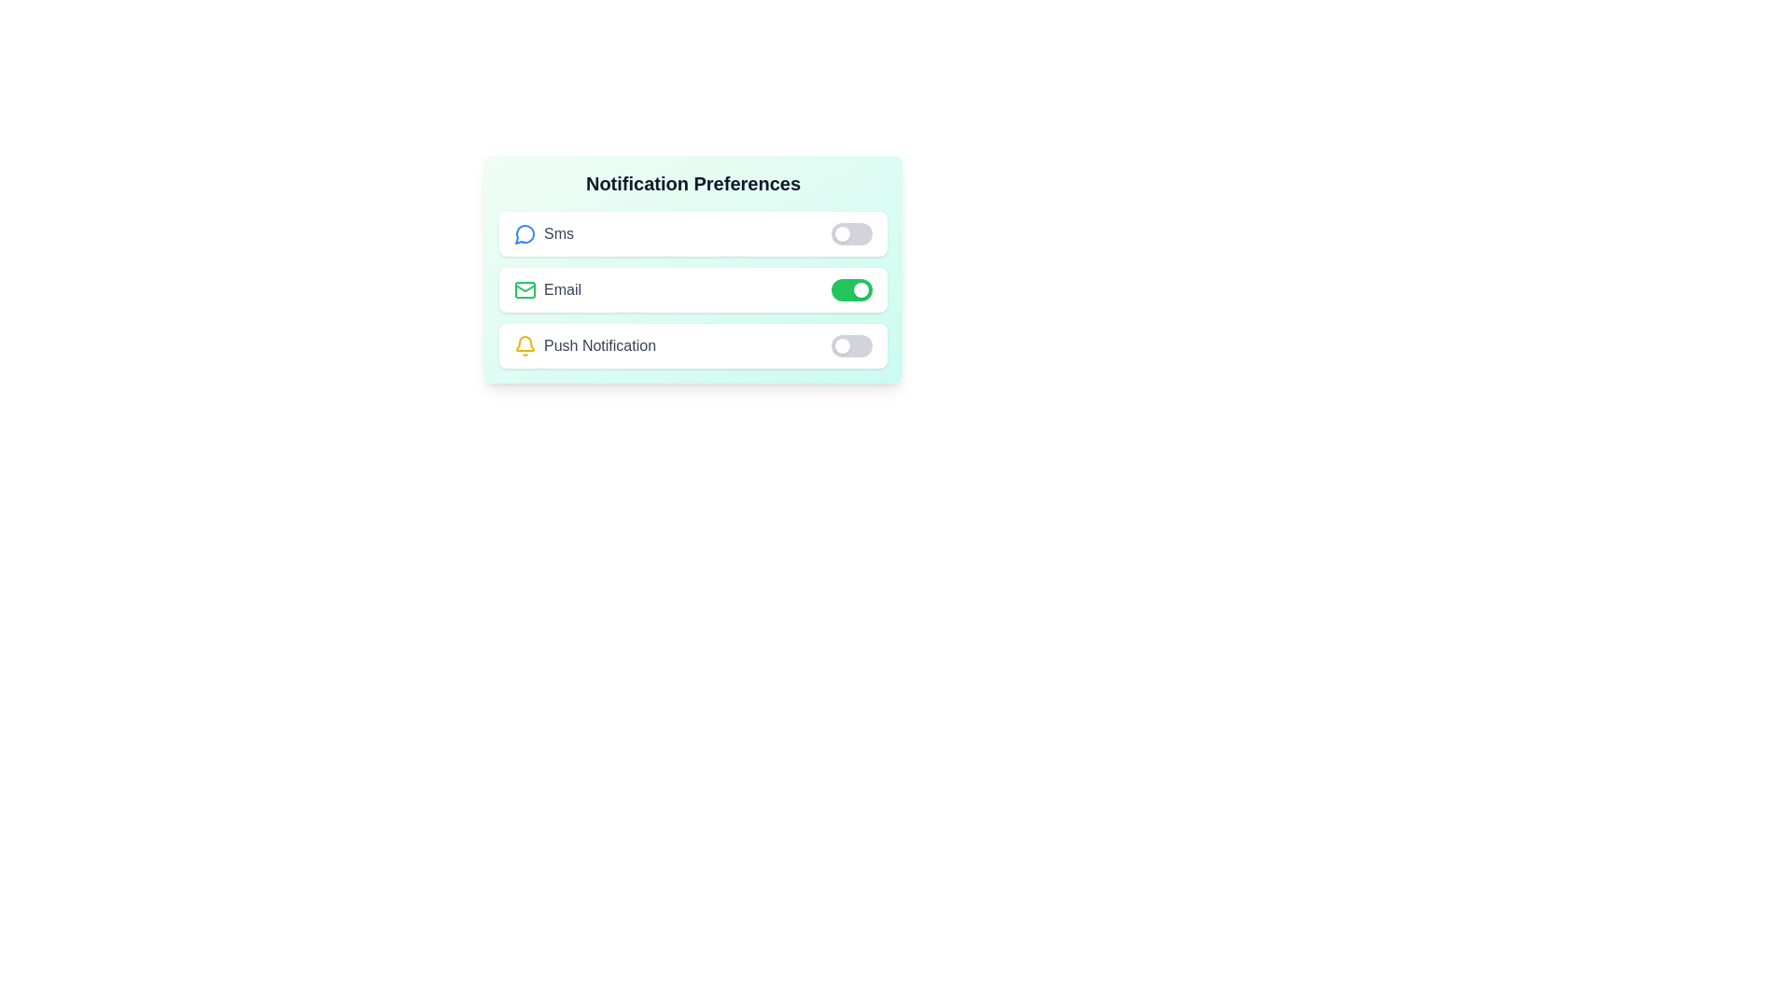  Describe the element at coordinates (600, 345) in the screenshot. I see `the text label that reads 'Push Notification', which is a medium-sized, gray, capitalized font element located in the middle of a row in the notification preferences settings` at that location.